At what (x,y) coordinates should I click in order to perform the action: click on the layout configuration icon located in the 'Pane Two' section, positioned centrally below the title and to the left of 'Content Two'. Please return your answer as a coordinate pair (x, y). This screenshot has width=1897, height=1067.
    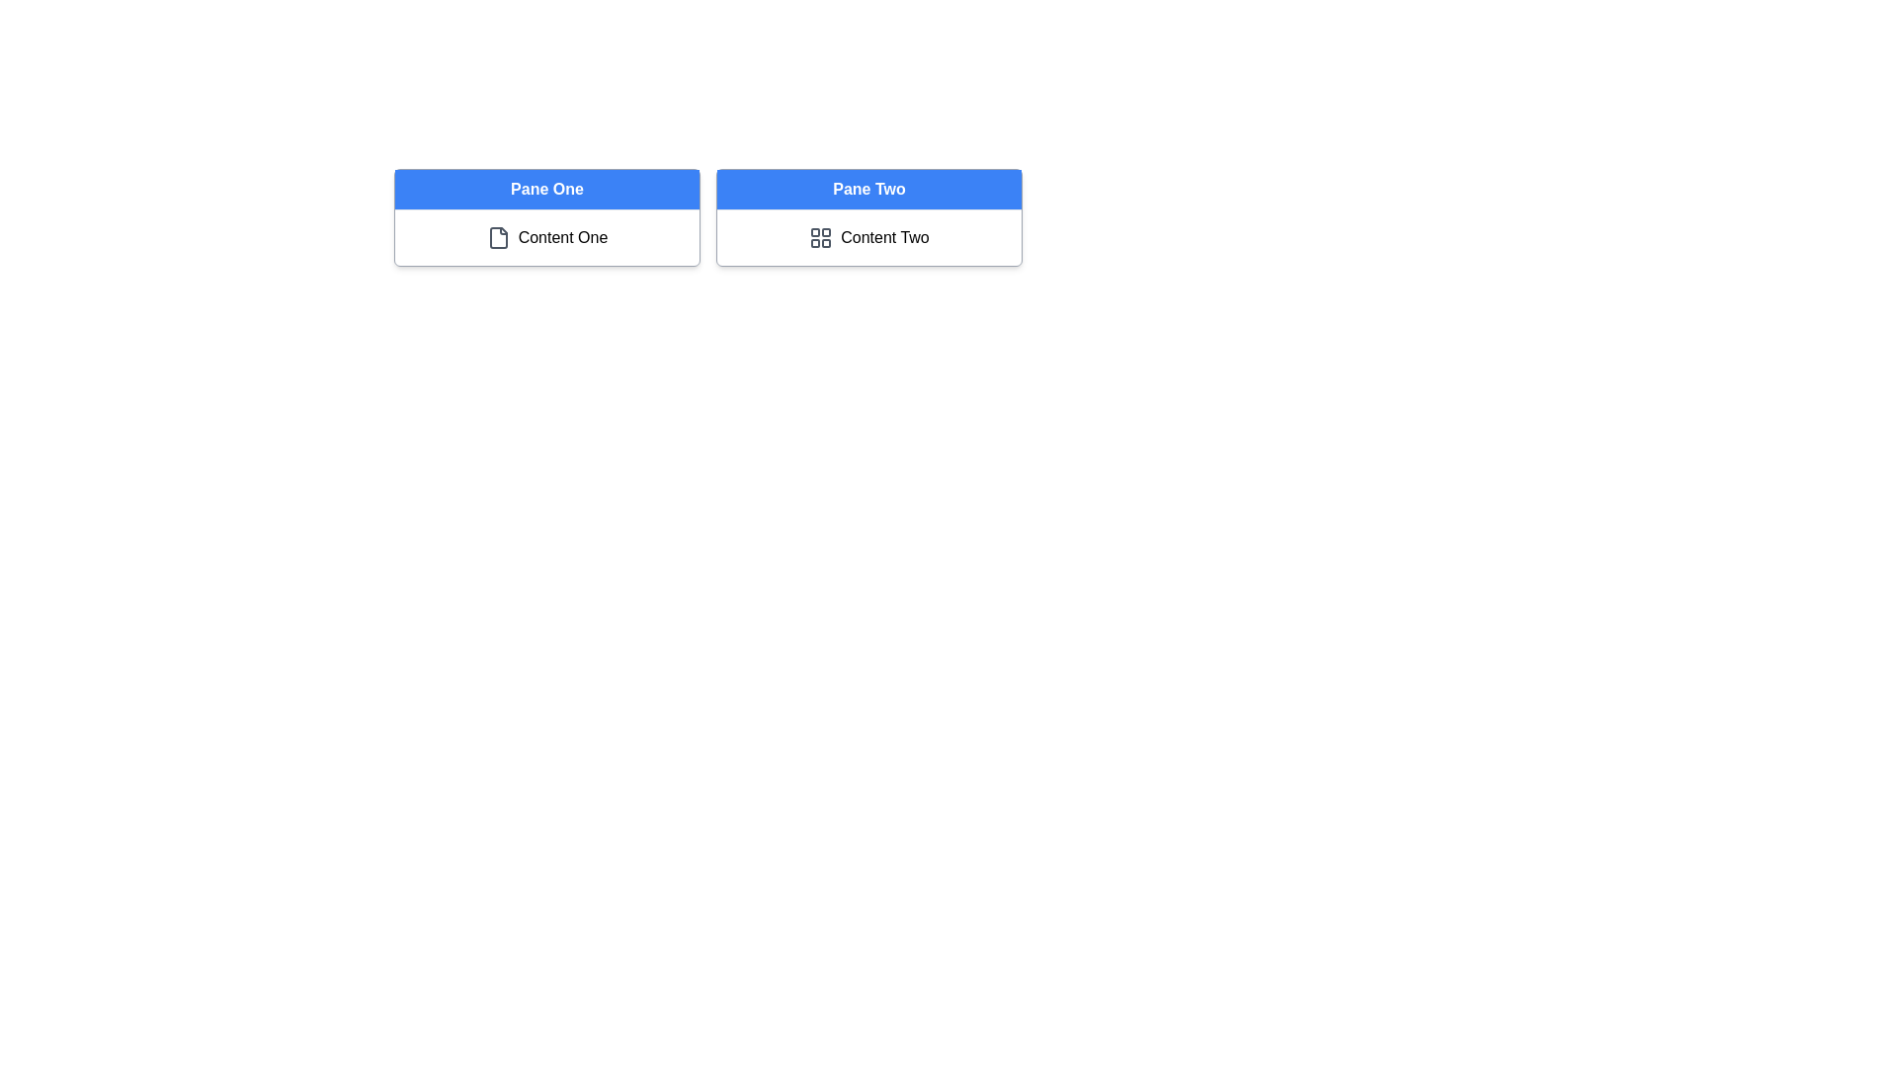
    Looking at the image, I should click on (821, 236).